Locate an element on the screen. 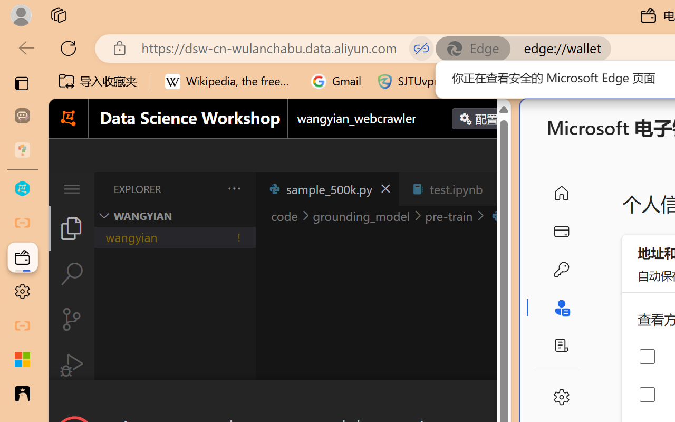  'Search (Ctrl+Shift+F)' is located at coordinates (71, 273).